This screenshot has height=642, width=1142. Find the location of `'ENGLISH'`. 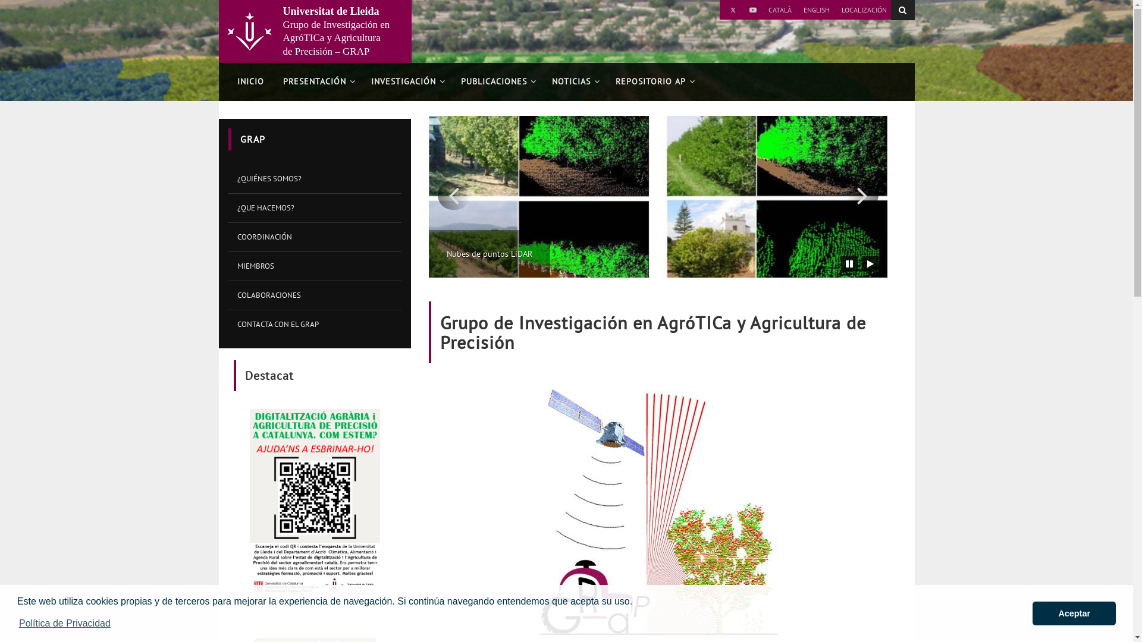

'ENGLISH' is located at coordinates (798, 10).